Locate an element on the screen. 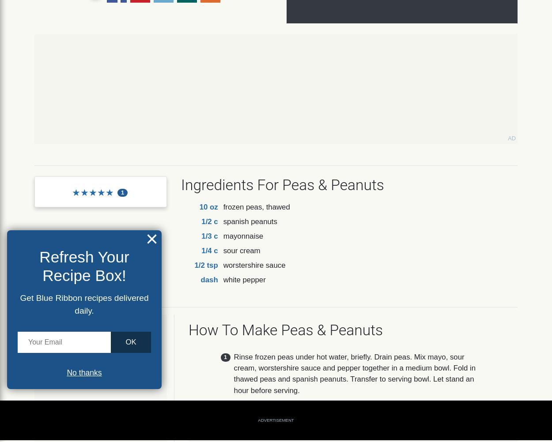 The height and width of the screenshot is (442, 552). 'white pepper' is located at coordinates (223, 279).